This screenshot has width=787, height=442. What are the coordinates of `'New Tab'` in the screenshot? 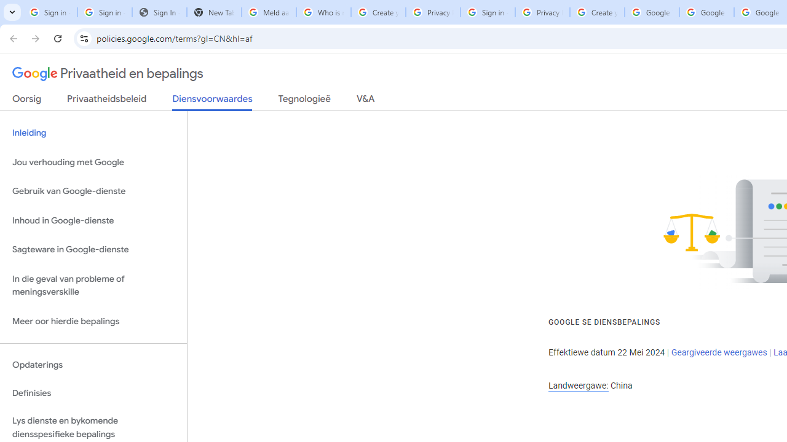 It's located at (214, 12).